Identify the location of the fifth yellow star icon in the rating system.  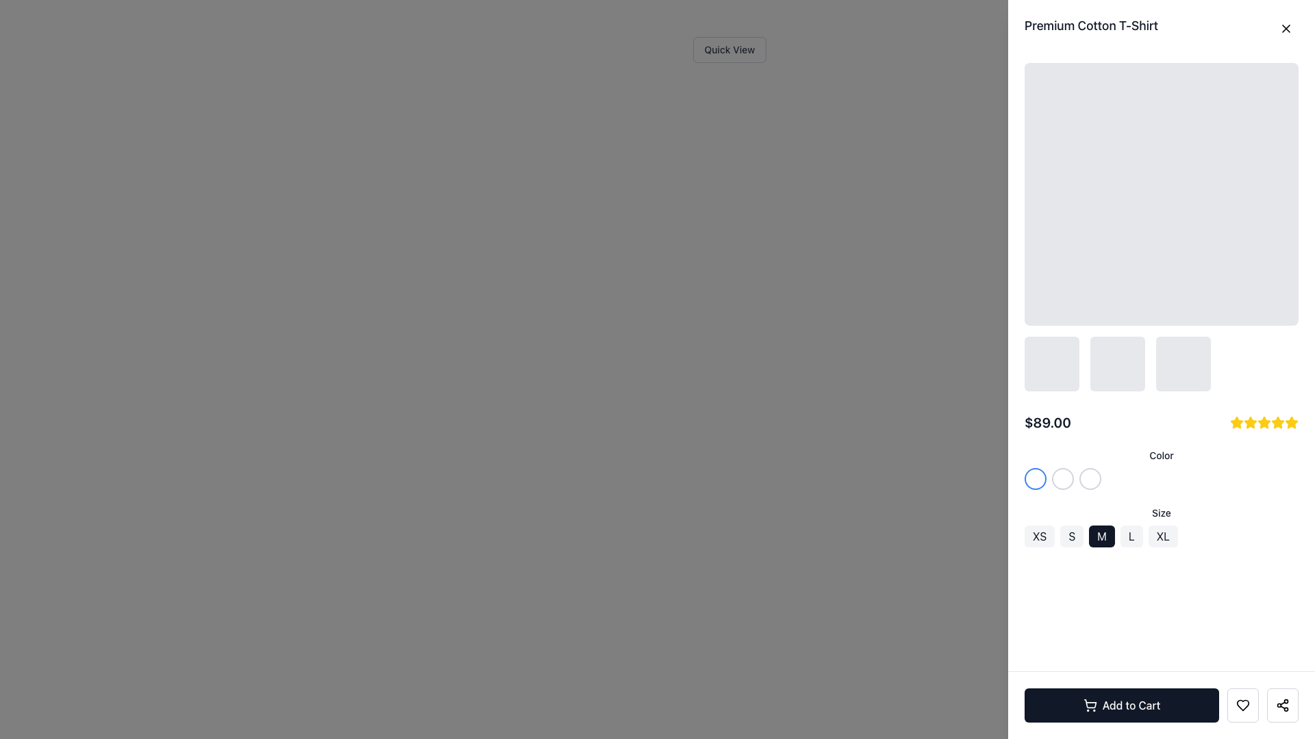
(1277, 422).